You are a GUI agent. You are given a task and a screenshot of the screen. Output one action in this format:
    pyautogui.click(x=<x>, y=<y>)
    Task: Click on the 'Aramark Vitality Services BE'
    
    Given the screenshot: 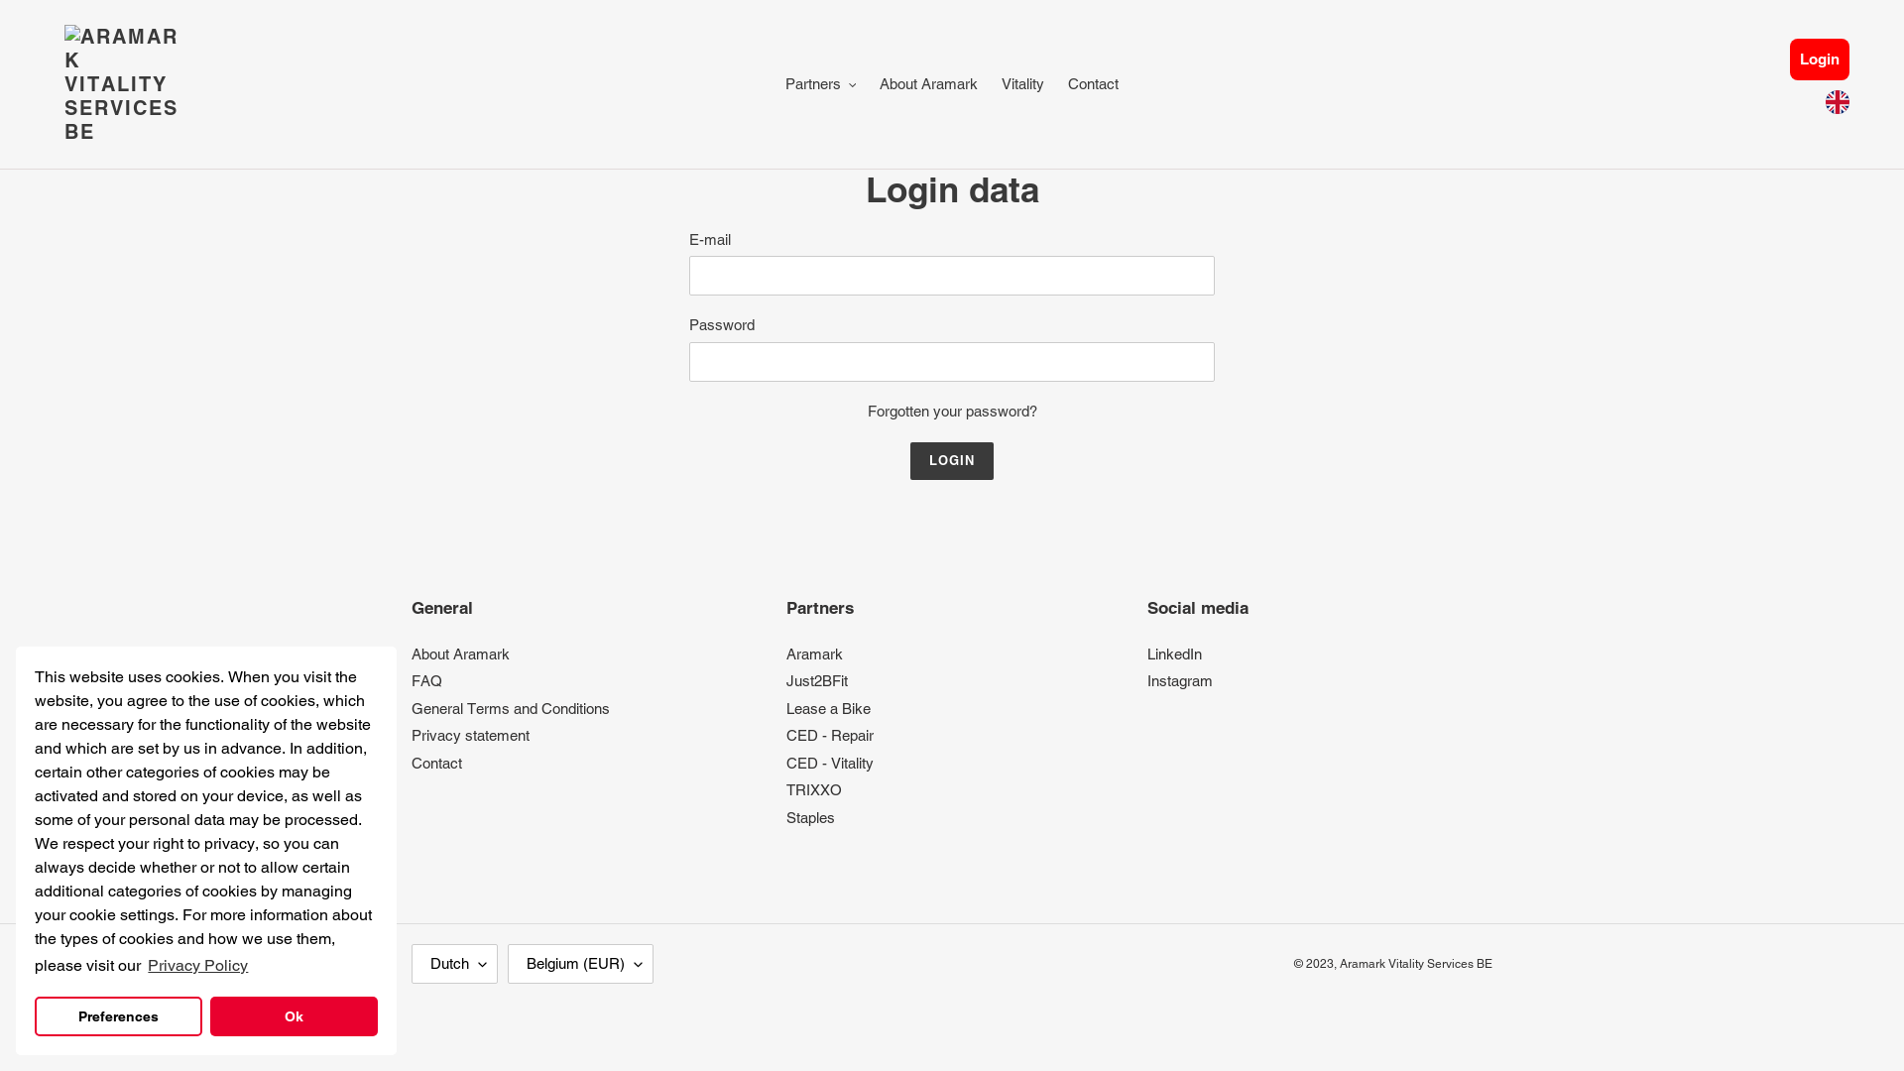 What is the action you would take?
    pyautogui.click(x=1414, y=963)
    